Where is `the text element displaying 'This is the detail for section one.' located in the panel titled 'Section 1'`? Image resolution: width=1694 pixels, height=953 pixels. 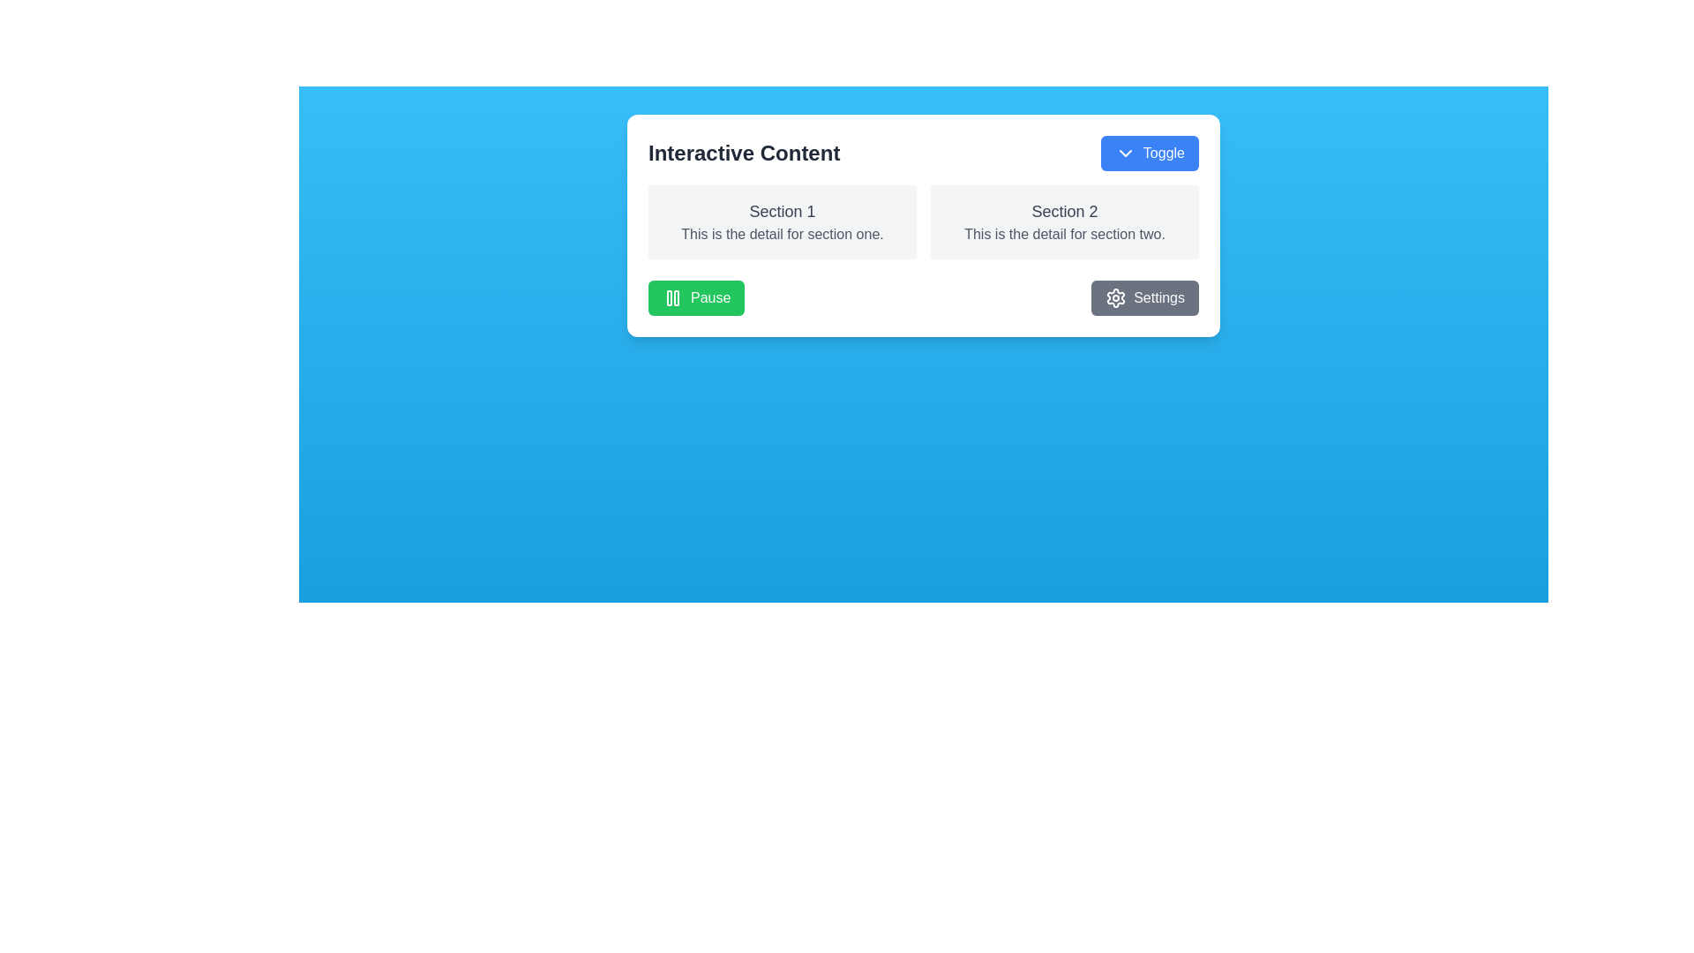 the text element displaying 'This is the detail for section one.' located in the panel titled 'Section 1' is located at coordinates (782, 234).